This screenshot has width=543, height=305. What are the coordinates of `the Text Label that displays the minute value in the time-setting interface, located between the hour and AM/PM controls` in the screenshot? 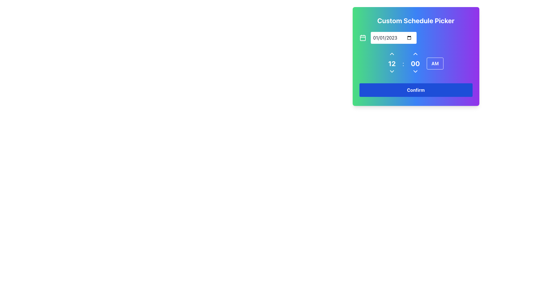 It's located at (415, 63).